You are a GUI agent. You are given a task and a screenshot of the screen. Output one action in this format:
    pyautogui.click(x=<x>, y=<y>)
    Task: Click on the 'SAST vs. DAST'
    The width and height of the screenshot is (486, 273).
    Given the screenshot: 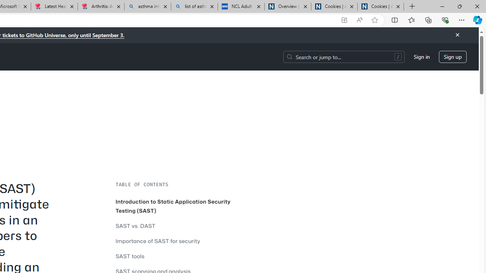 What is the action you would take?
    pyautogui.click(x=174, y=225)
    